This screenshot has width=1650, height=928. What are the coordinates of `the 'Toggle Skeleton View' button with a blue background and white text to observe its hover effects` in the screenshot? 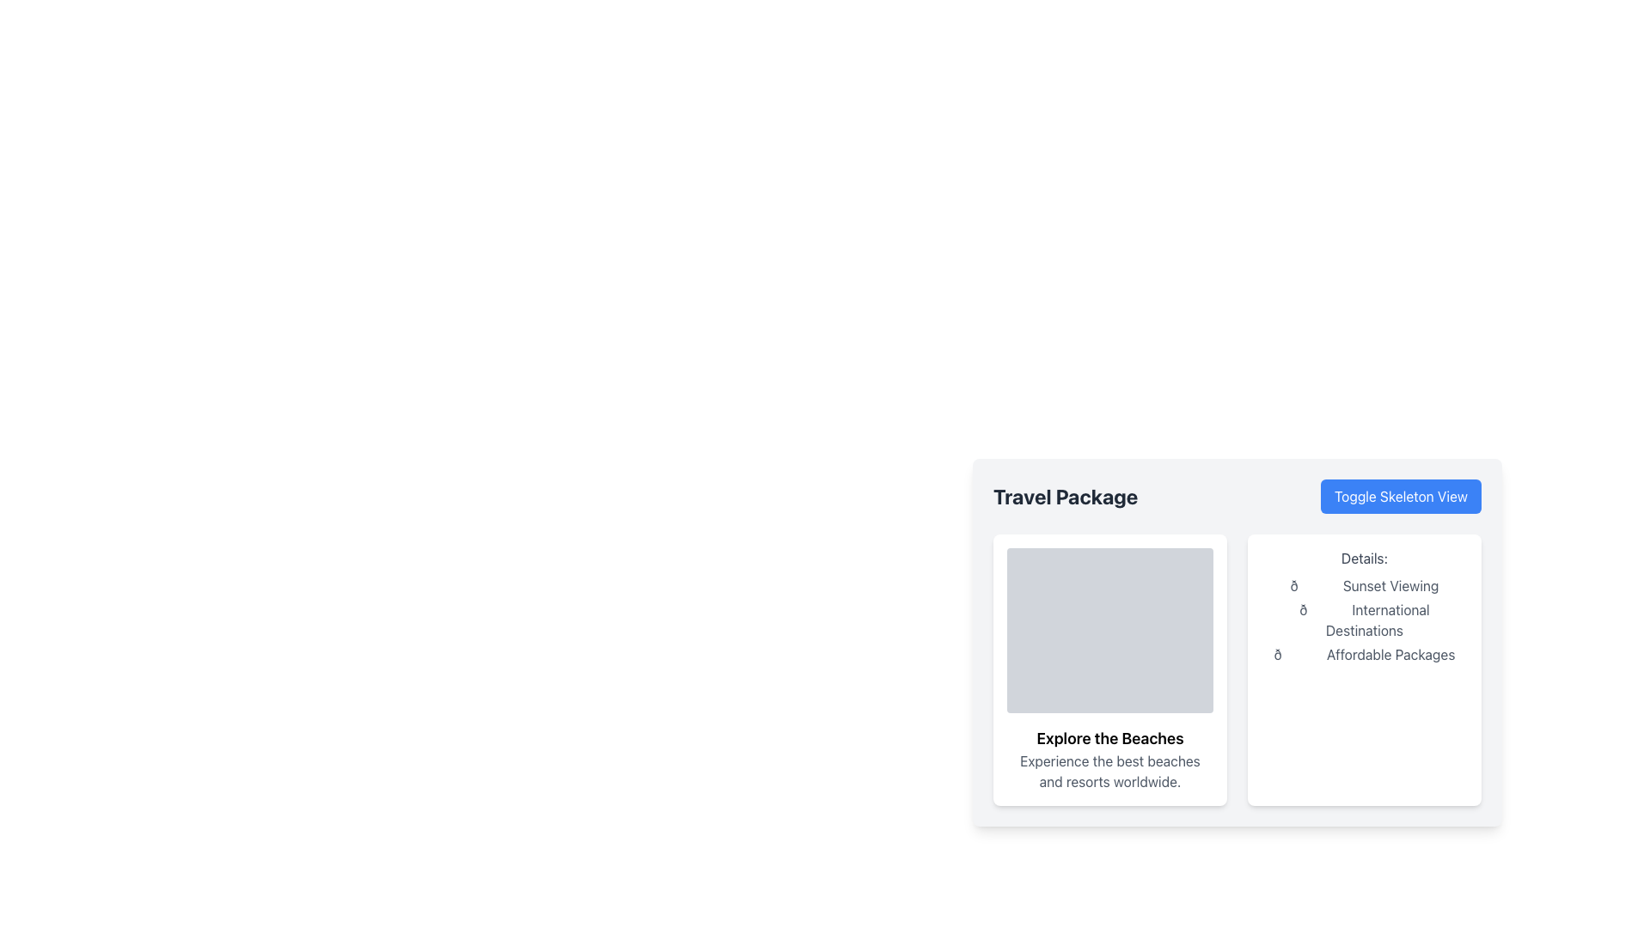 It's located at (1401, 497).